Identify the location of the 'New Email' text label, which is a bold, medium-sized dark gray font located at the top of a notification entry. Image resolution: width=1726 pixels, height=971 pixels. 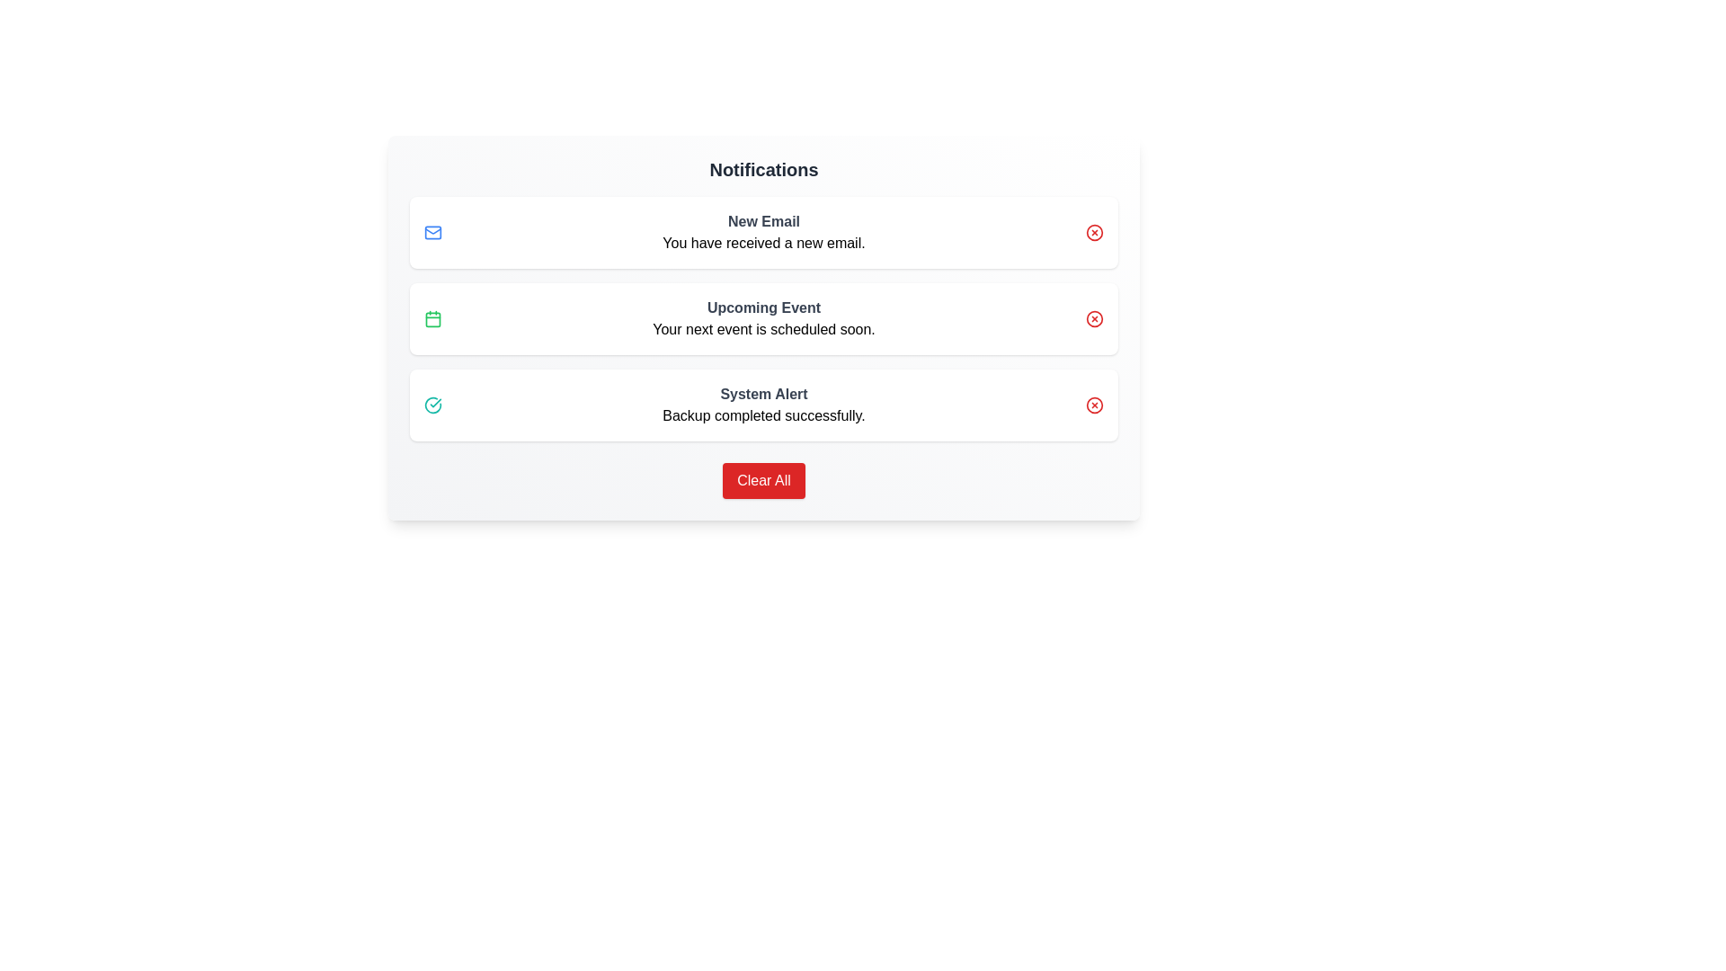
(763, 220).